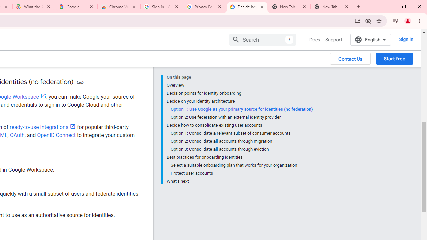 This screenshot has height=240, width=427. Describe the element at coordinates (395, 20) in the screenshot. I see `'Control your music, videos, and more'` at that location.